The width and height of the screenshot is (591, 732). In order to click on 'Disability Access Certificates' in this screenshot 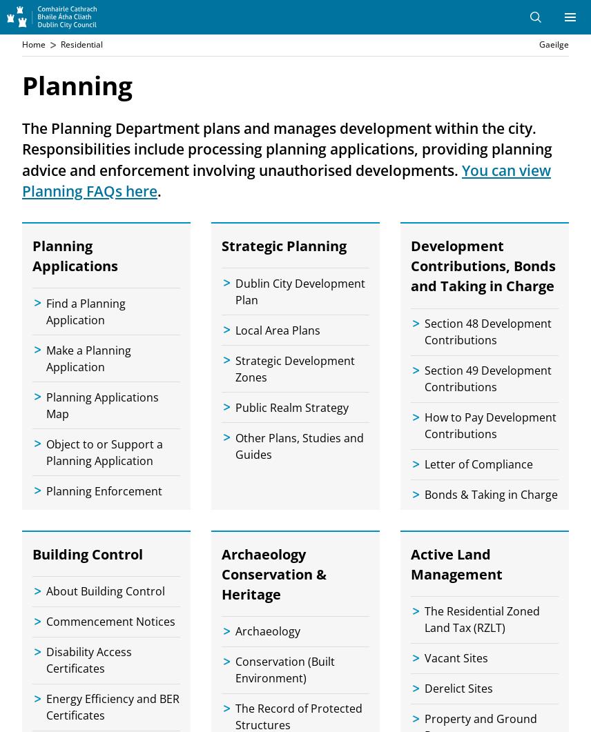, I will do `click(88, 660)`.